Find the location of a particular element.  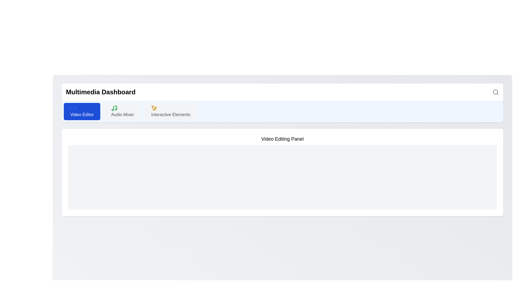

the yellow mouse pointer icon located in the 'Interactive Elements' section, positioned between 'Audio Mixer' and 'Video Editor' is located at coordinates (154, 108).